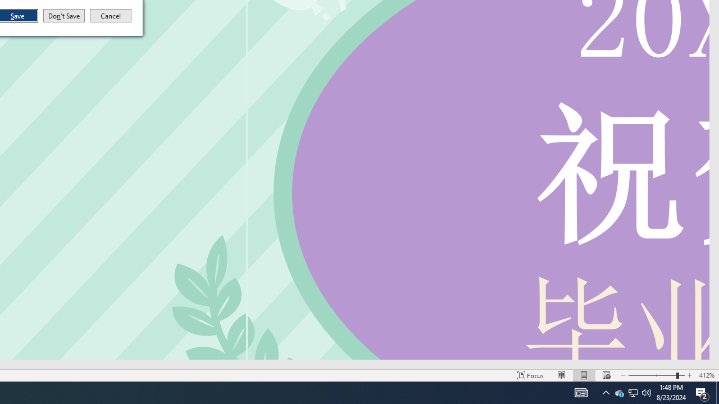 The height and width of the screenshot is (404, 719). Describe the element at coordinates (702, 392) in the screenshot. I see `'Action Center, 2 new notifications'` at that location.